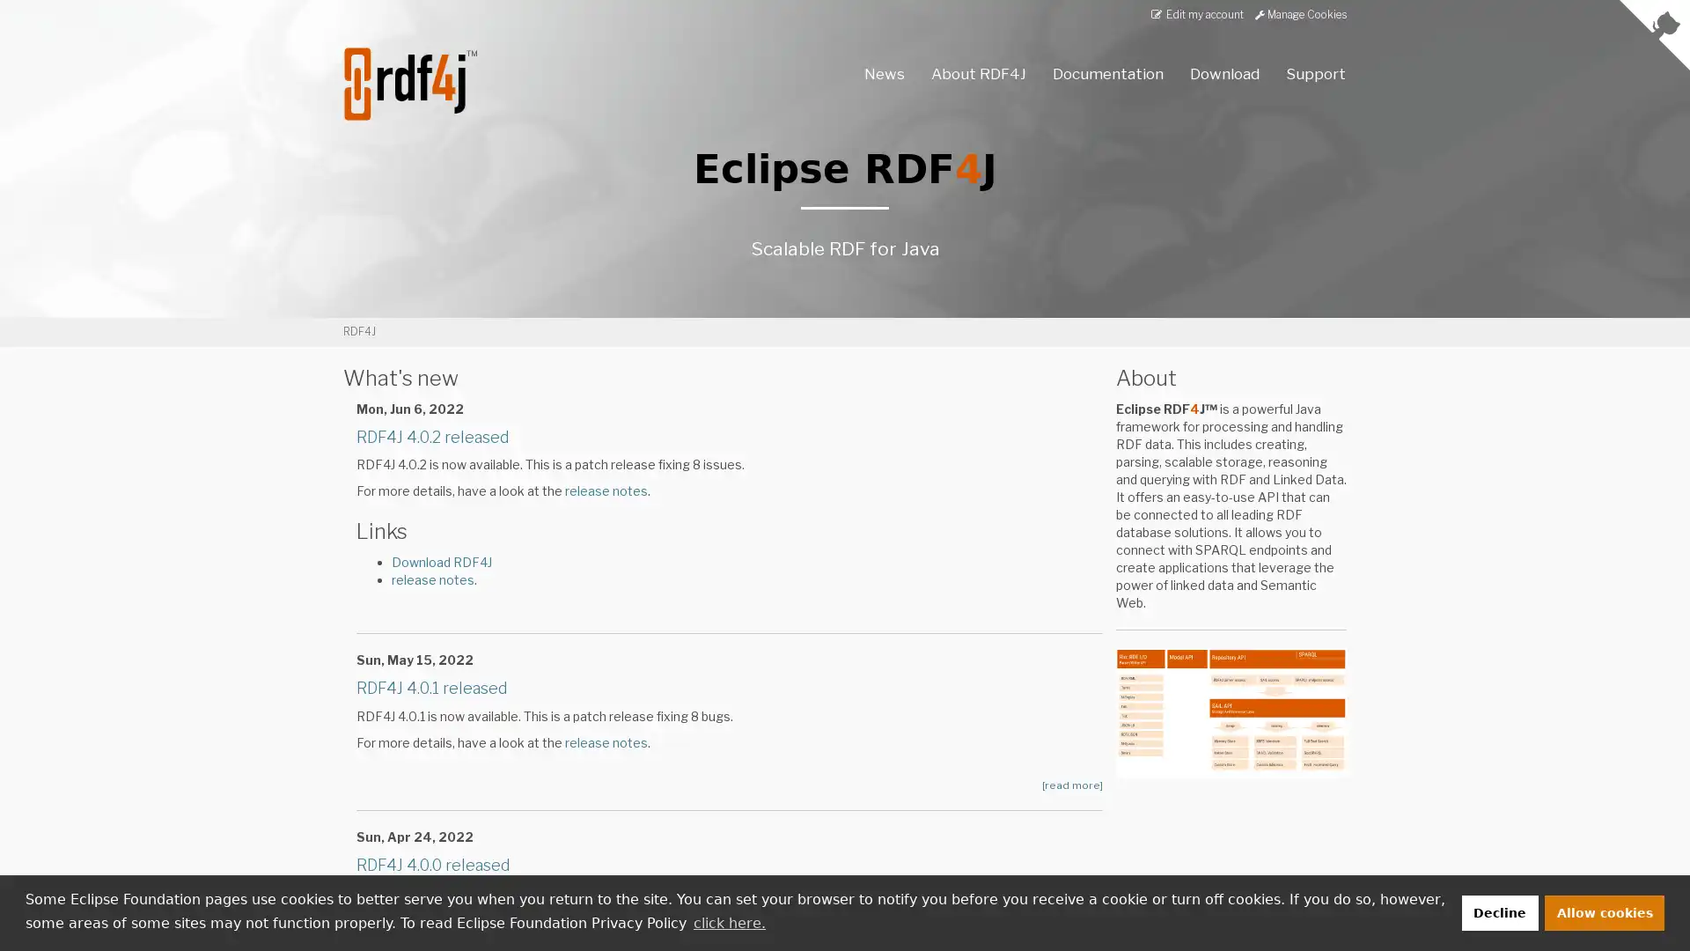  I want to click on learn more about cookies, so click(729, 922).